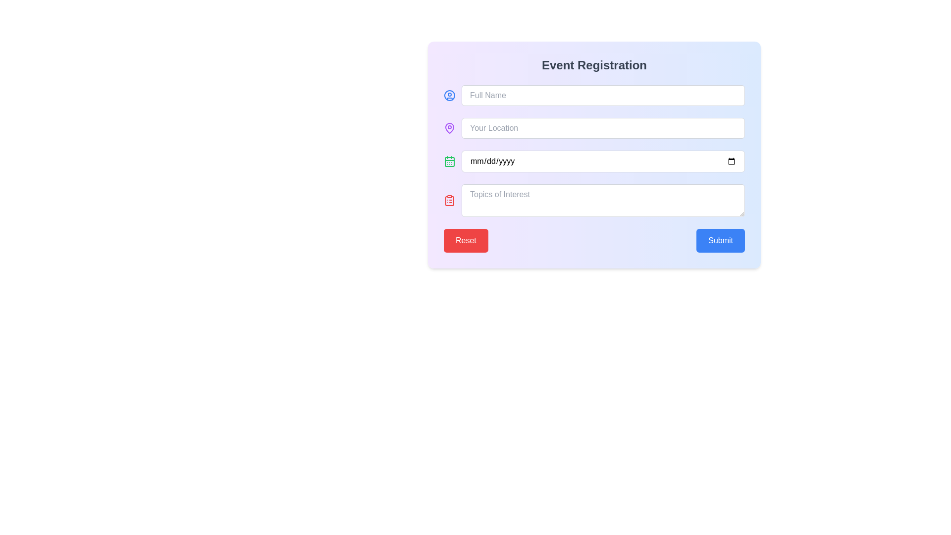  Describe the element at coordinates (449, 161) in the screenshot. I see `the calendar icon component within the SVG that serves to emphasize the date input field located to the left of it` at that location.